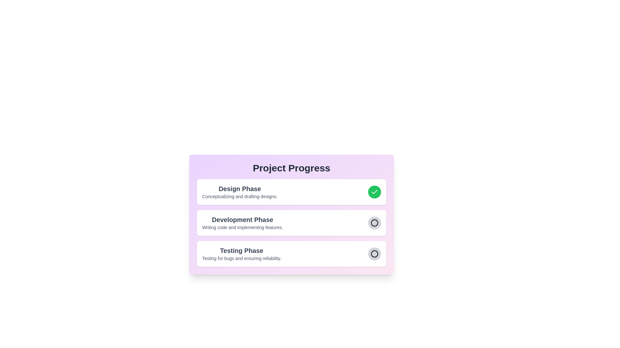 The width and height of the screenshot is (620, 348). I want to click on the interactive button at the far-right side of the 'Design Phase' progress card, so click(375, 192).